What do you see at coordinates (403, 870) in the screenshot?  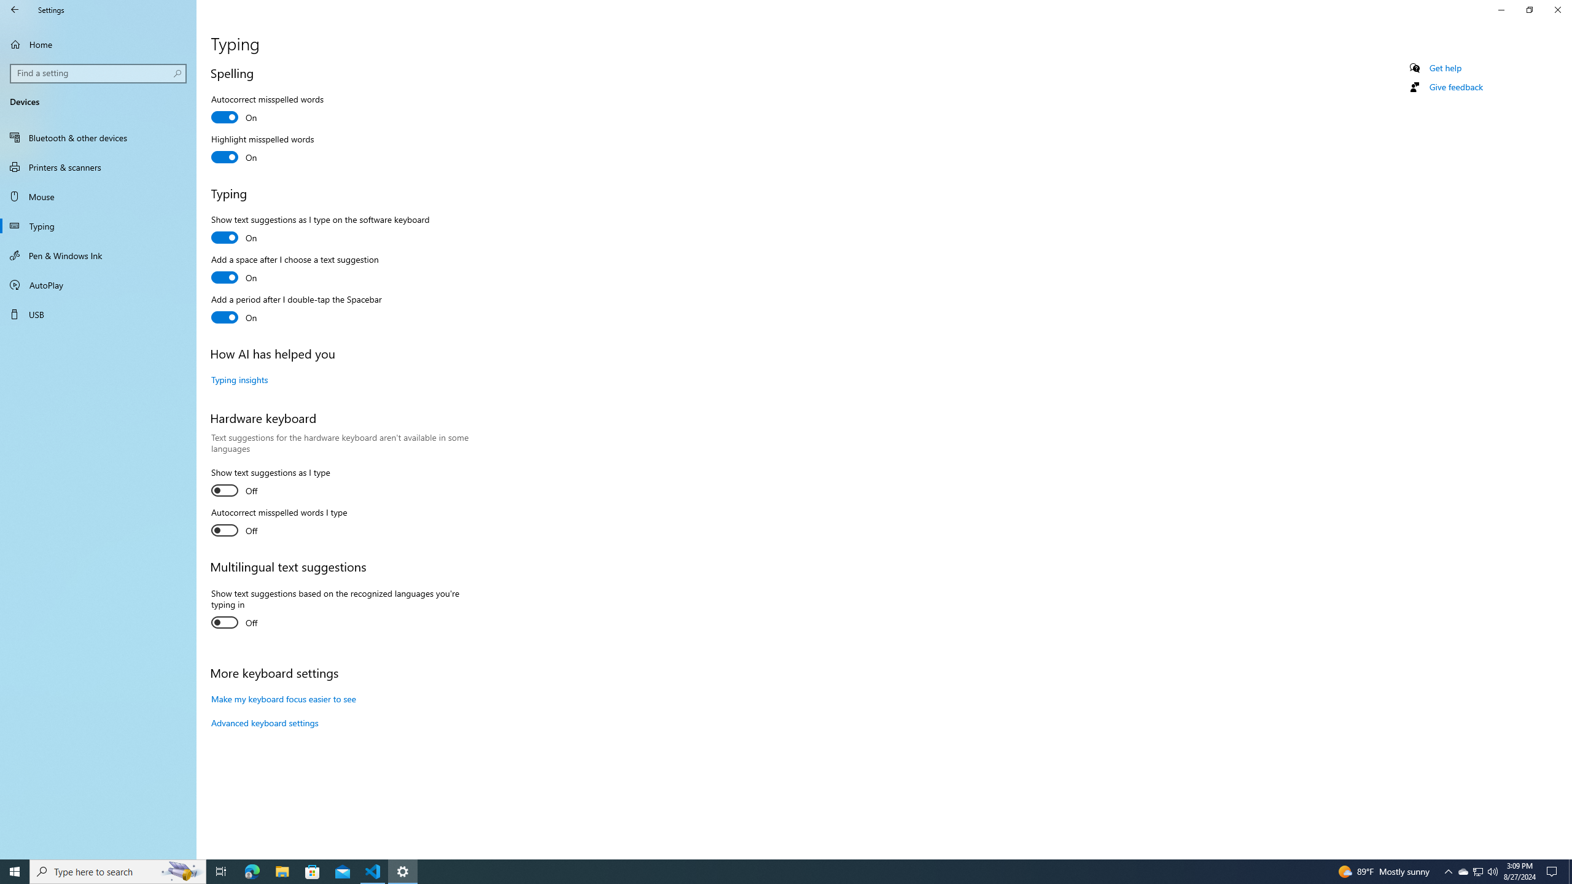 I see `'Settings - 1 running window'` at bounding box center [403, 870].